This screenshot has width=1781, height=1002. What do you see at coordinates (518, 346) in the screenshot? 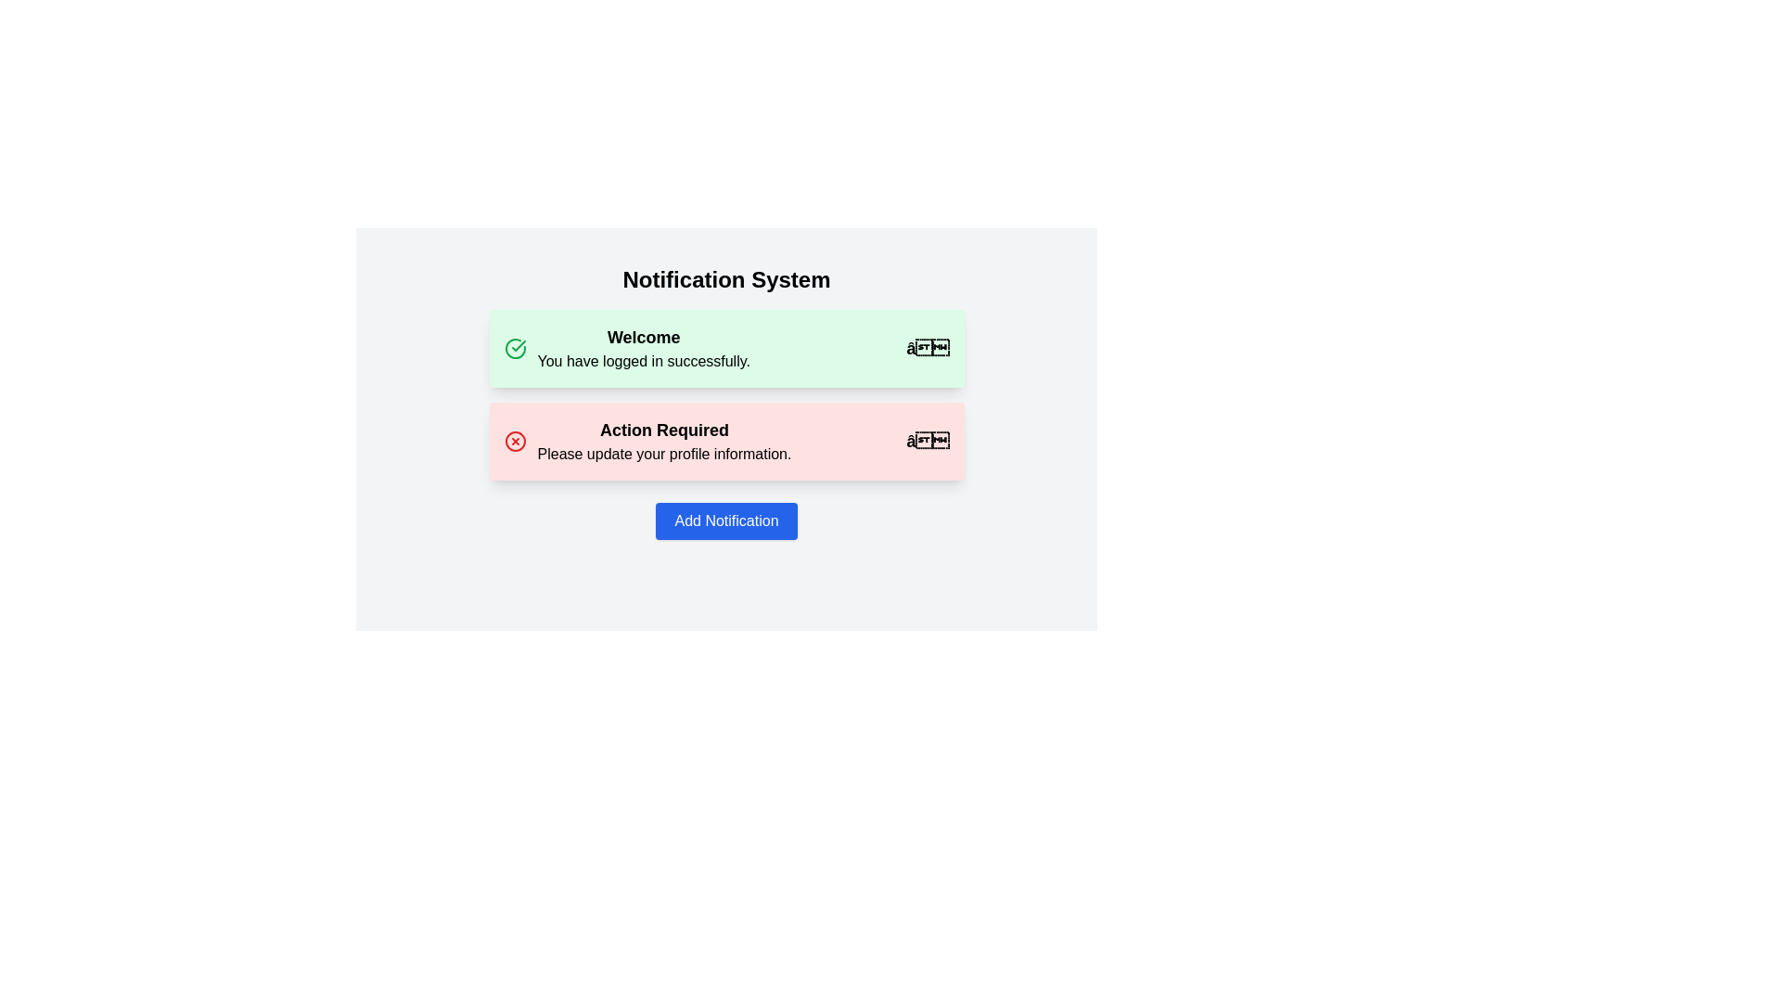
I see `the green checkmark icon located within a circular boundary on the left side of the 'Welcome' notification card` at bounding box center [518, 346].